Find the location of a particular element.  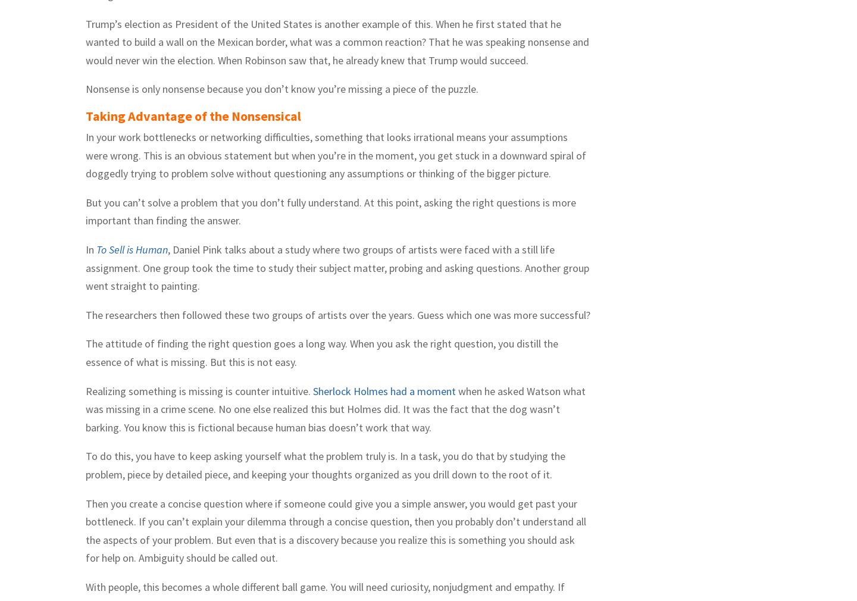

'The researchers then followed these two groups of artists over the years. Guess which one was more successful?' is located at coordinates (85, 314).